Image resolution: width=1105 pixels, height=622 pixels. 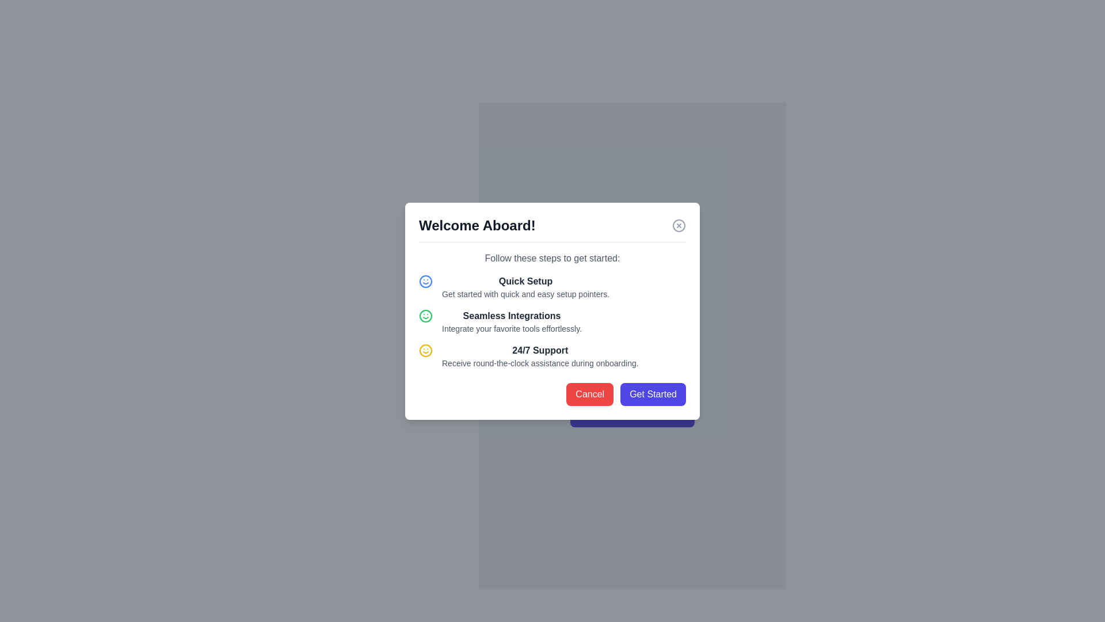 What do you see at coordinates (511, 328) in the screenshot?
I see `the text label that reads 'Integrate your favorite tools effortlessly.' which is positioned below the title 'Seamless Integrations' in the popup interface` at bounding box center [511, 328].